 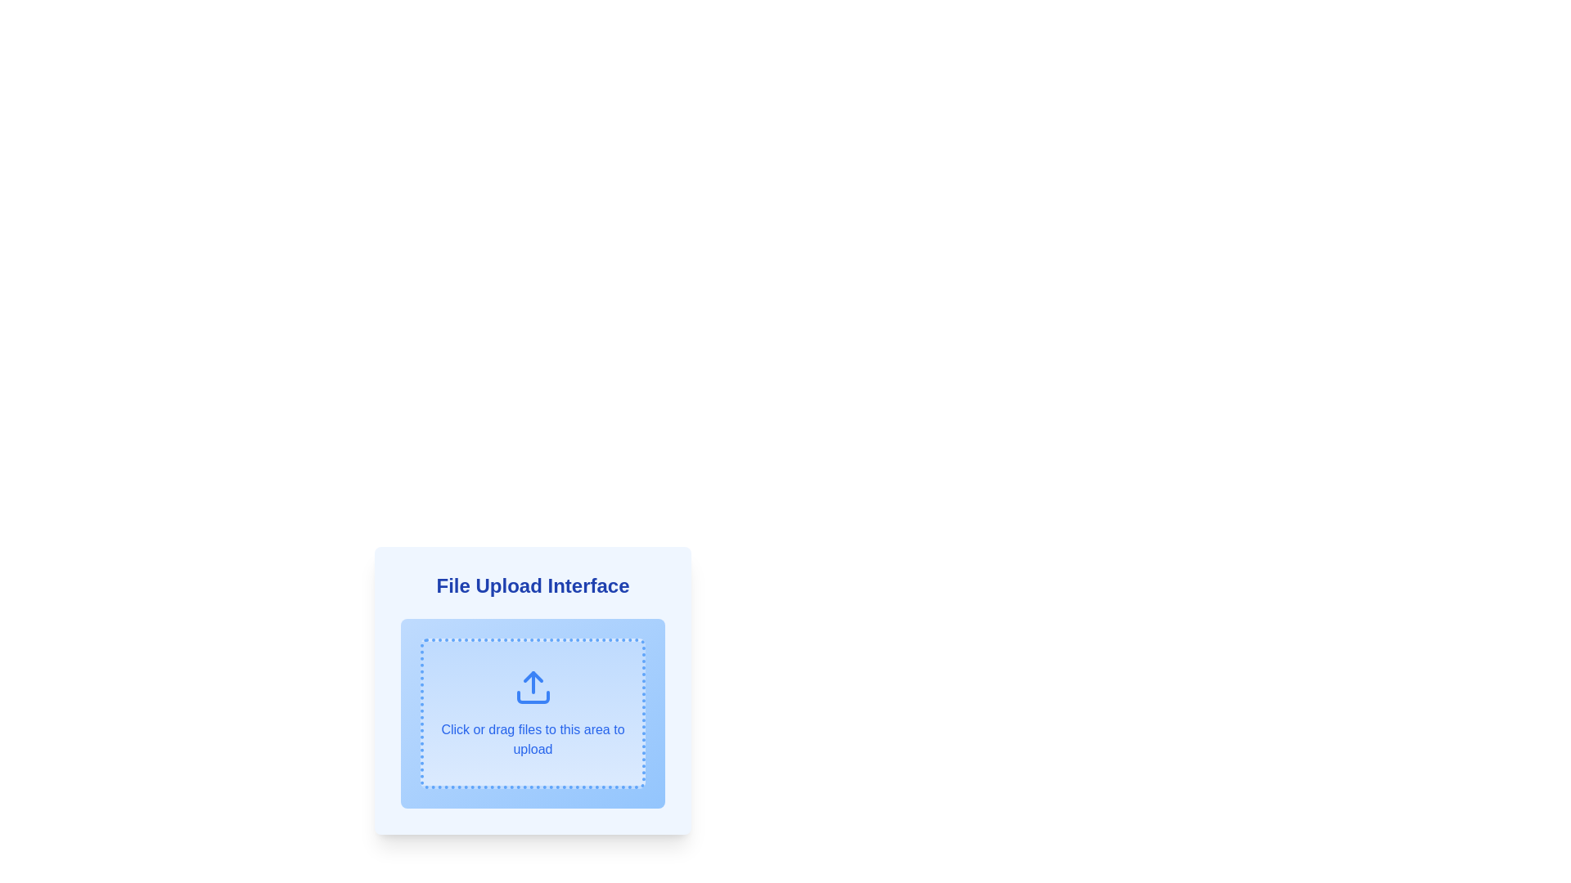 I want to click on files onto the File Upload Interface, which features a title and an outlined rectangle with dashed borders indicating upload functionality, so click(x=533, y=697).